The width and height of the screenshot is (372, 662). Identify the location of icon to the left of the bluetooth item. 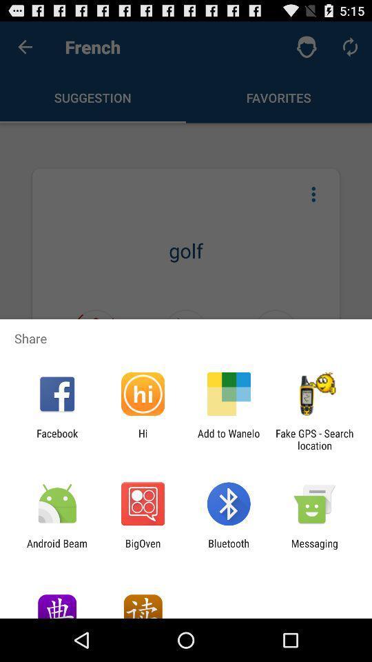
(142, 549).